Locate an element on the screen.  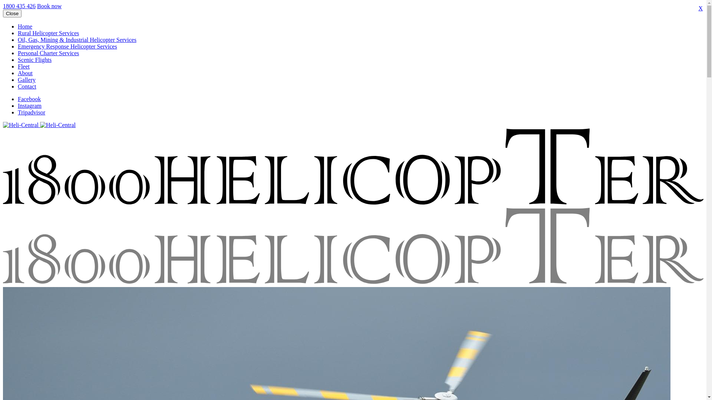
'Emergency Response Helicopter Services' is located at coordinates (18, 46).